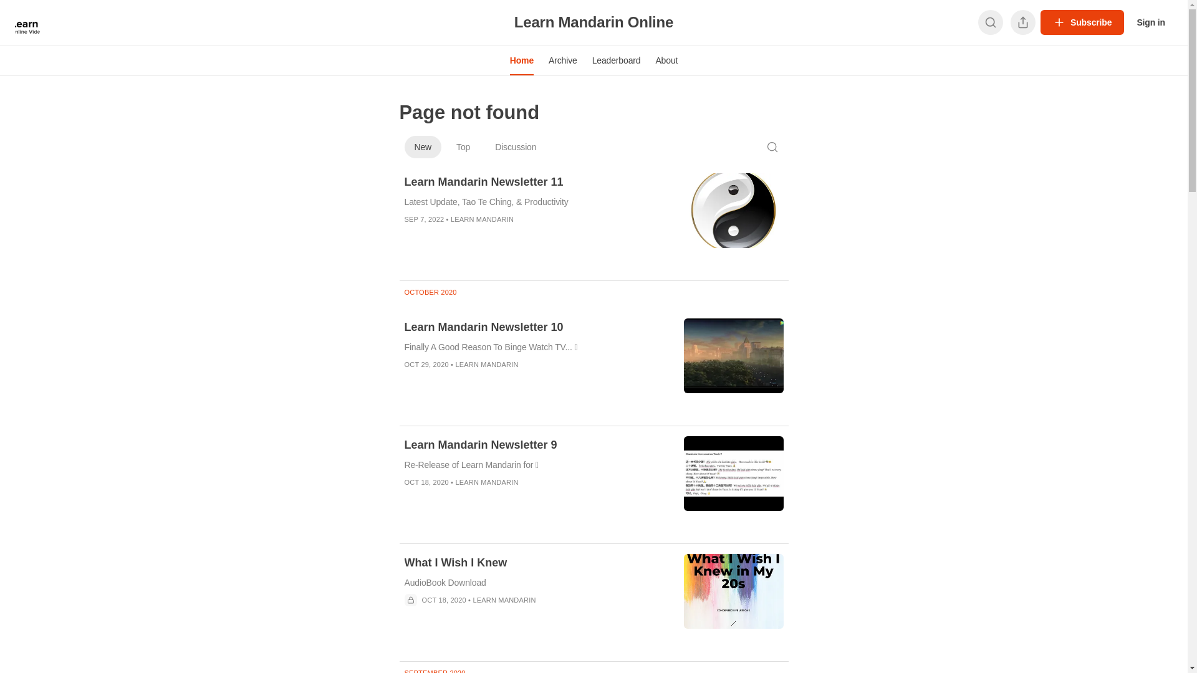 This screenshot has height=673, width=1197. What do you see at coordinates (536, 444) in the screenshot?
I see `'Learn Mandarin Newsletter 9'` at bounding box center [536, 444].